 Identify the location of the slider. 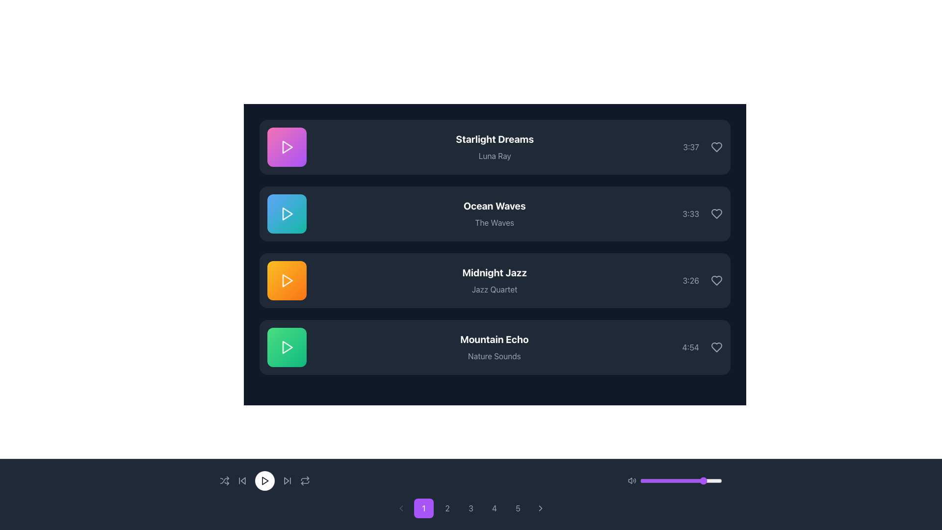
(665, 480).